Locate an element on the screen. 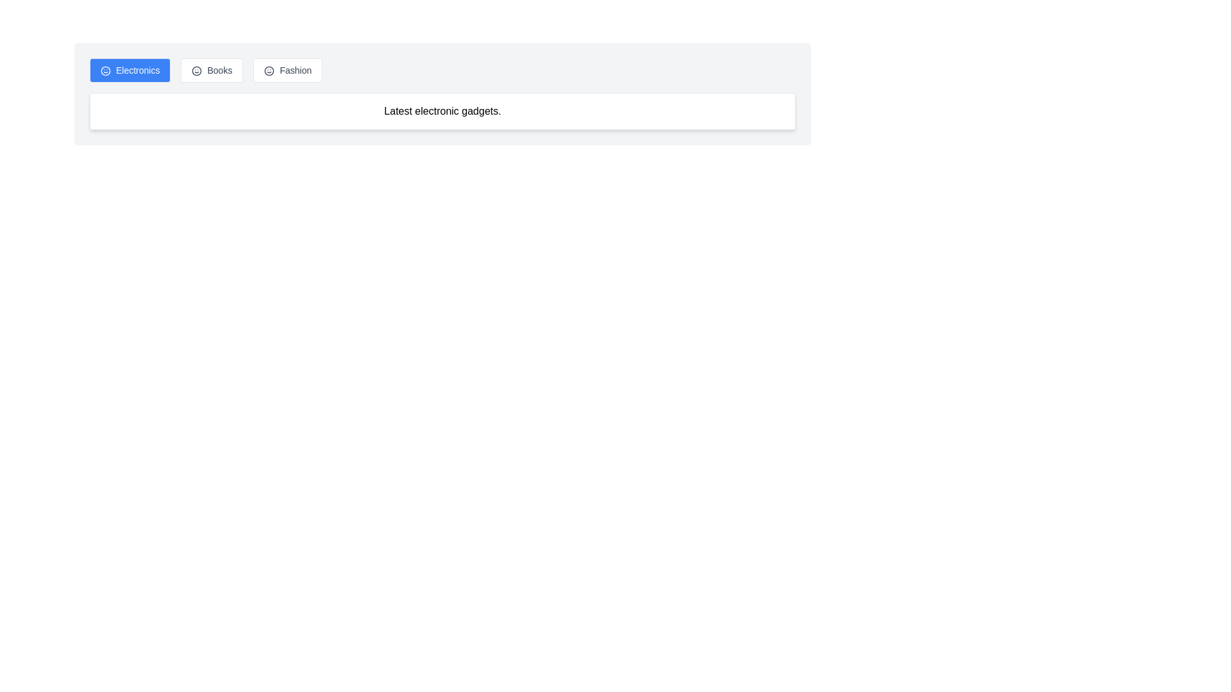 The image size is (1231, 692). the rectangular button with rounded corners and blue background labeled 'Electronics' is located at coordinates (130, 70).